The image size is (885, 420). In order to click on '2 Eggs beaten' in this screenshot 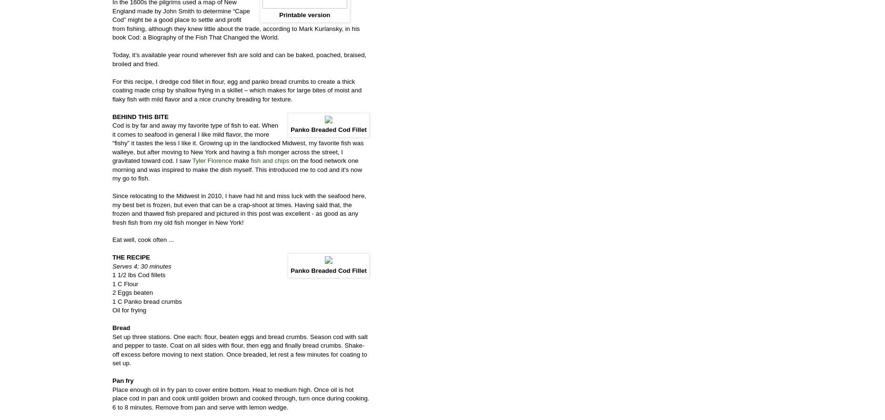, I will do `click(132, 292)`.